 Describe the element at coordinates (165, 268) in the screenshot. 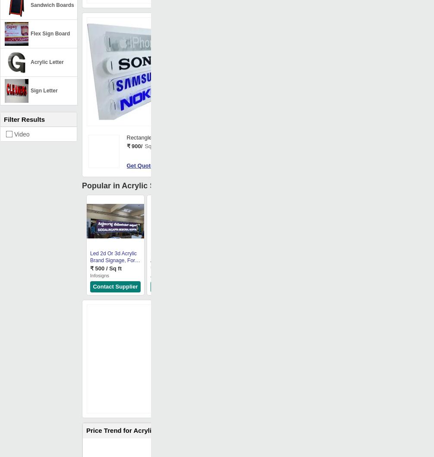

I see `'₹ 100 / Inch'` at that location.